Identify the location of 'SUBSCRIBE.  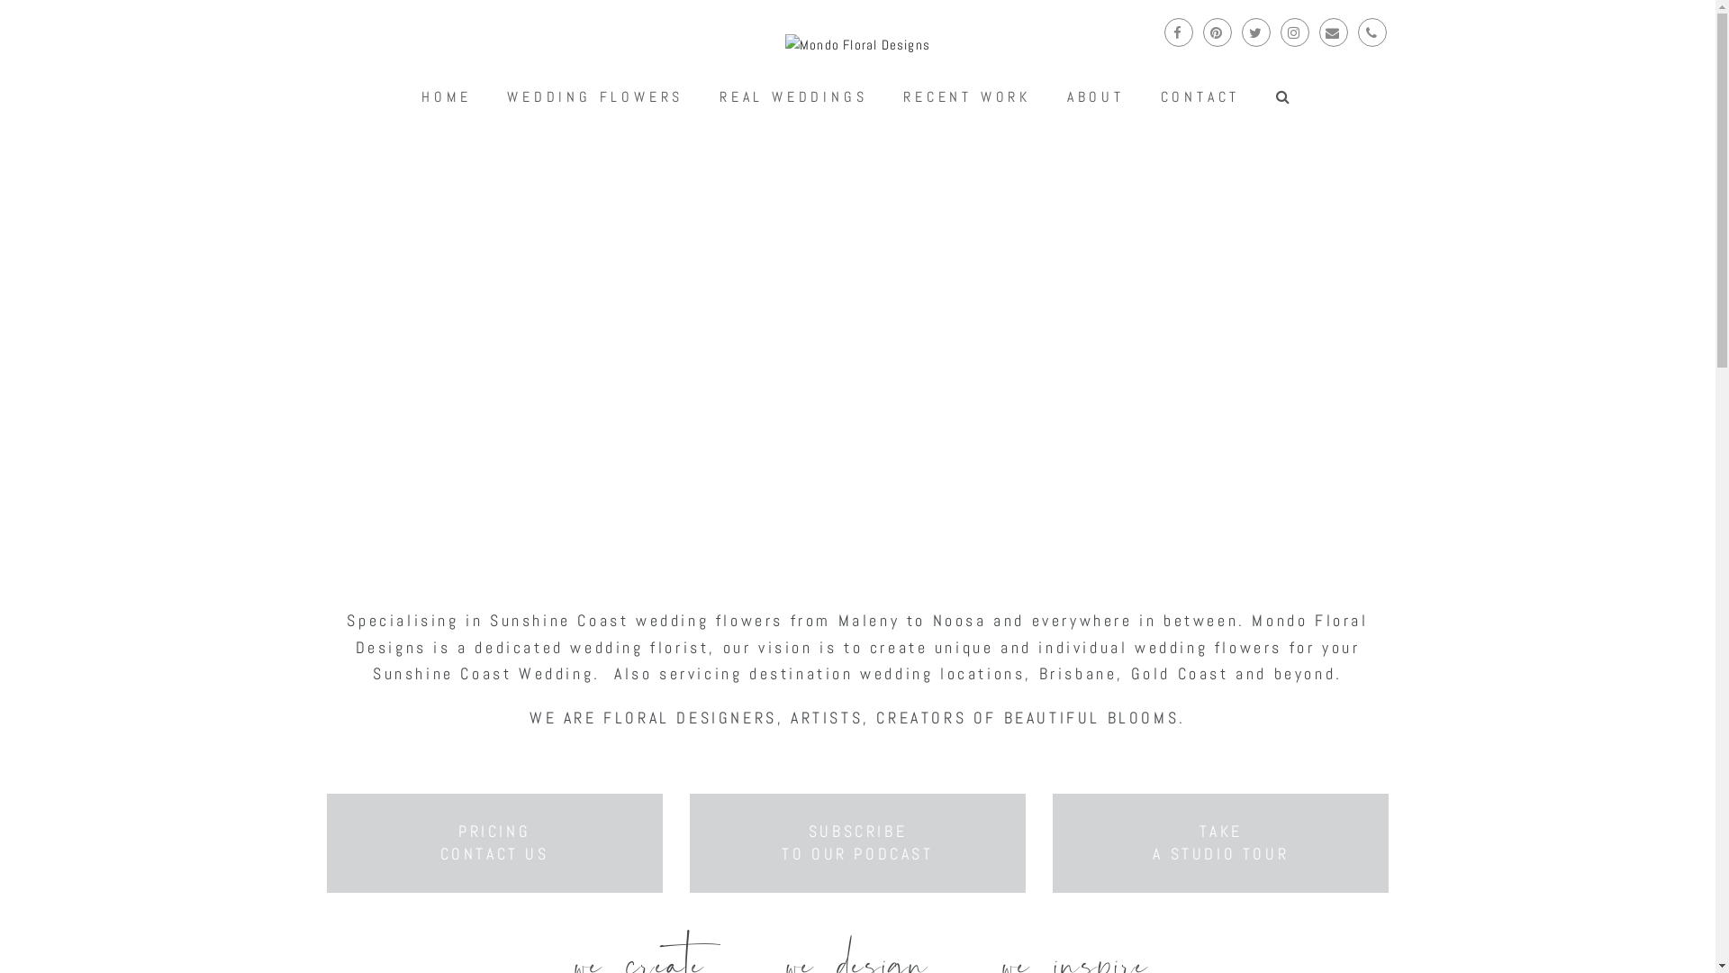
(855, 841).